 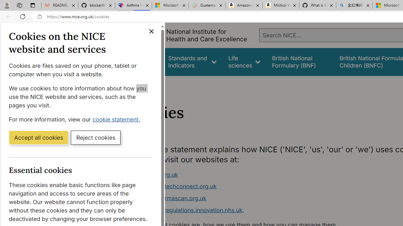 I want to click on 'Accept all cookies', so click(x=38, y=137).